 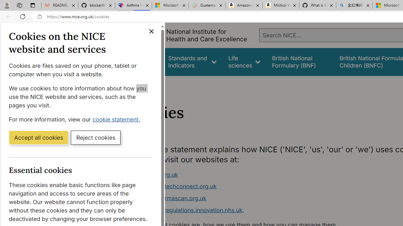 I want to click on 'Accept all cookies', so click(x=38, y=137).